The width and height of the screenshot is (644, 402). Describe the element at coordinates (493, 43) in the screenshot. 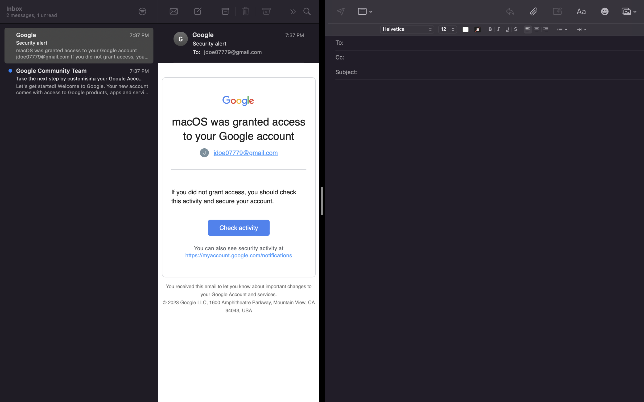

I see `Add recipient of mail as "beck@gmail.com` at that location.